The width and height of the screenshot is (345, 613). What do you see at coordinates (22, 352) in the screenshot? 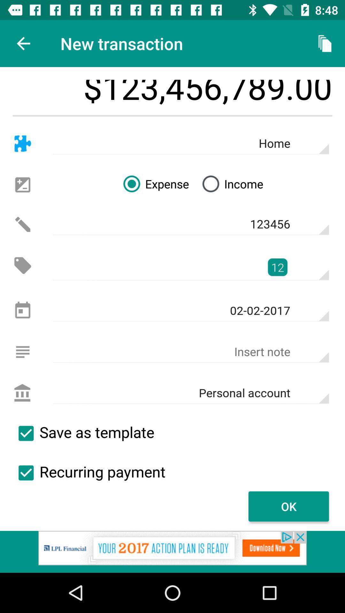
I see `insert note` at bounding box center [22, 352].